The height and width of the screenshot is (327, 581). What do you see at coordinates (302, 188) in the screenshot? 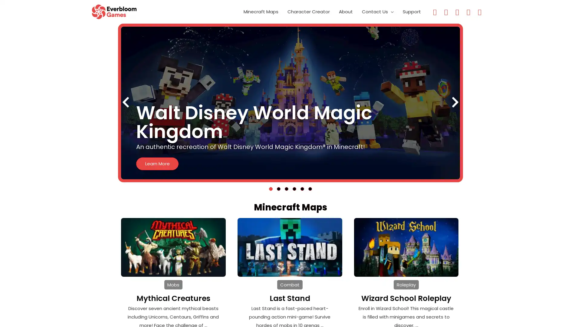
I see `Page 5` at bounding box center [302, 188].